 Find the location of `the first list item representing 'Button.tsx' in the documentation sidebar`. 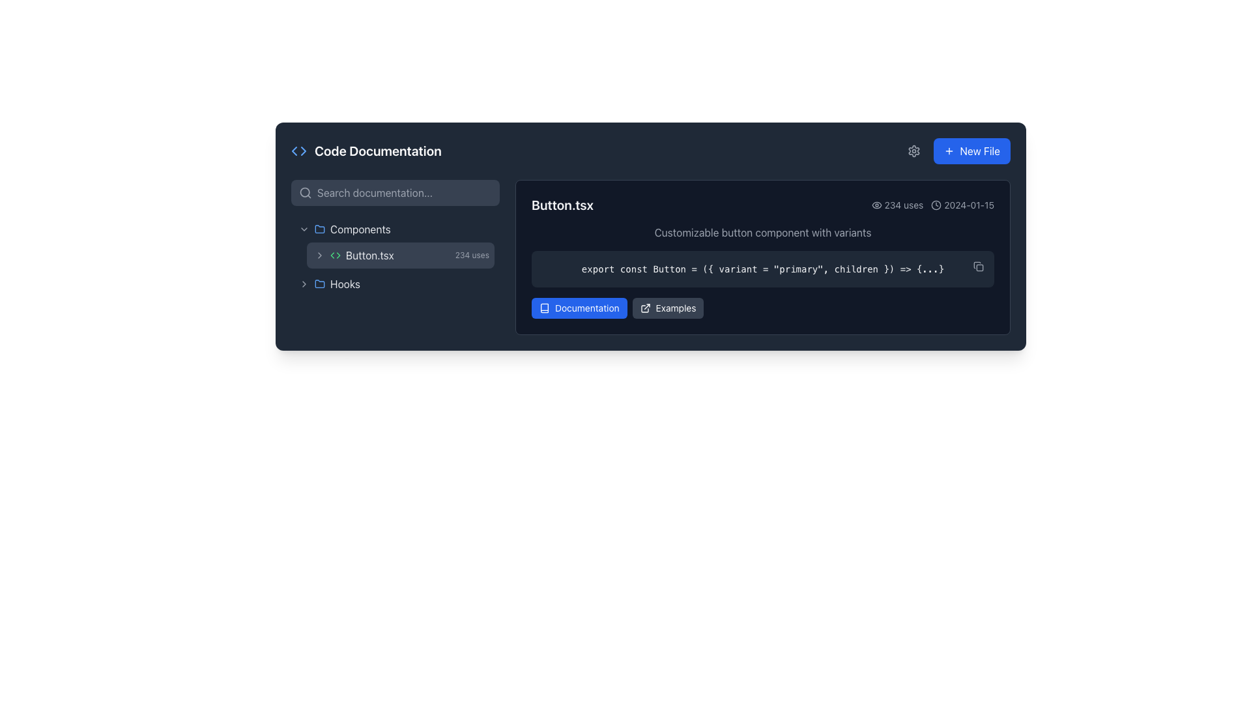

the first list item representing 'Button.tsx' in the documentation sidebar is located at coordinates (399, 256).